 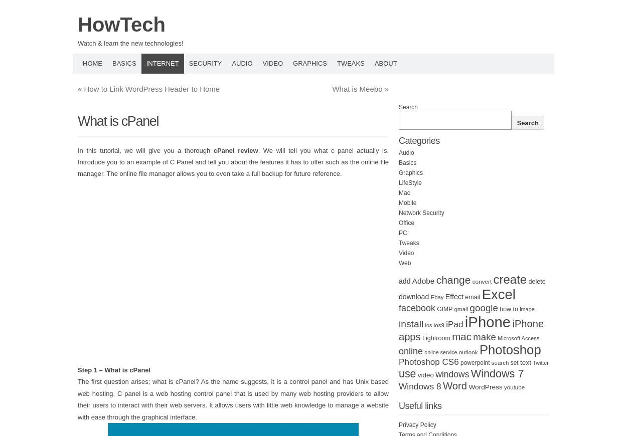 What do you see at coordinates (435, 338) in the screenshot?
I see `'Lightroom'` at bounding box center [435, 338].